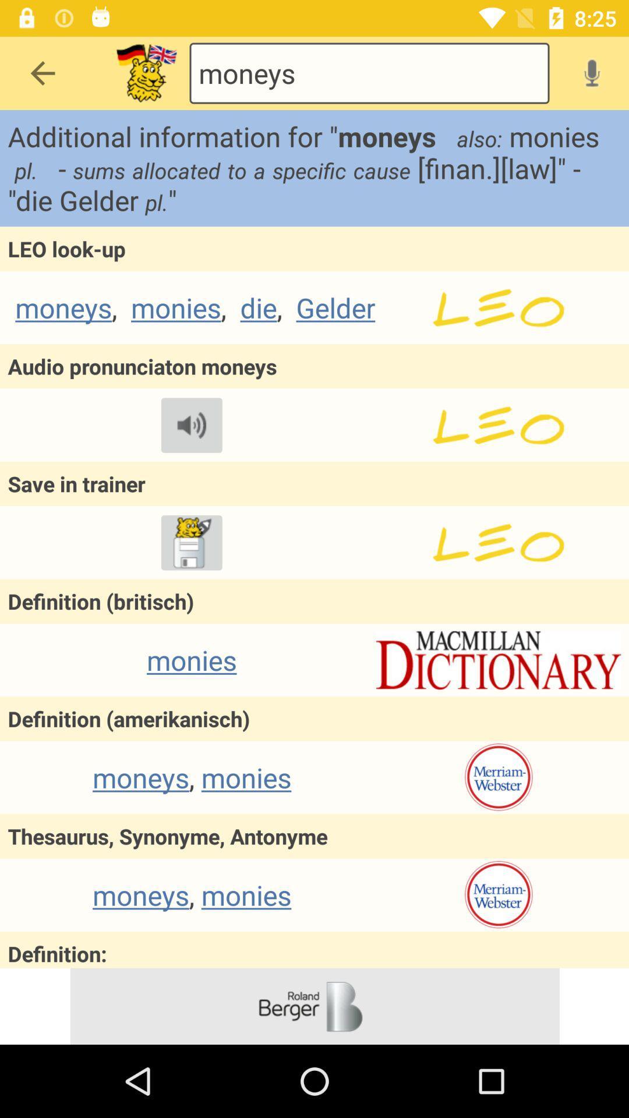 This screenshot has width=629, height=1118. I want to click on word, so click(191, 542).